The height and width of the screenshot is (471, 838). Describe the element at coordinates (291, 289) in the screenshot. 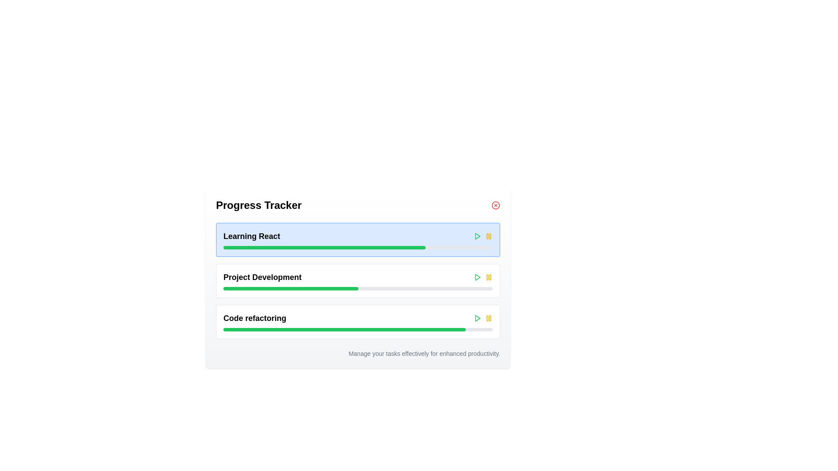

I see `the green progress indicator bar within the 'Project Development' progress bar` at that location.